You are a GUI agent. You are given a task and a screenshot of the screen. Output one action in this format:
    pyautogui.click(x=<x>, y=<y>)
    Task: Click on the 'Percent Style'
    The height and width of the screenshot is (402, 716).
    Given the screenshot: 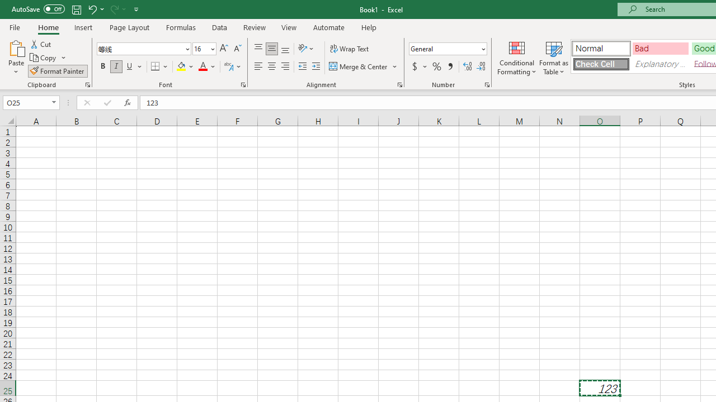 What is the action you would take?
    pyautogui.click(x=436, y=66)
    